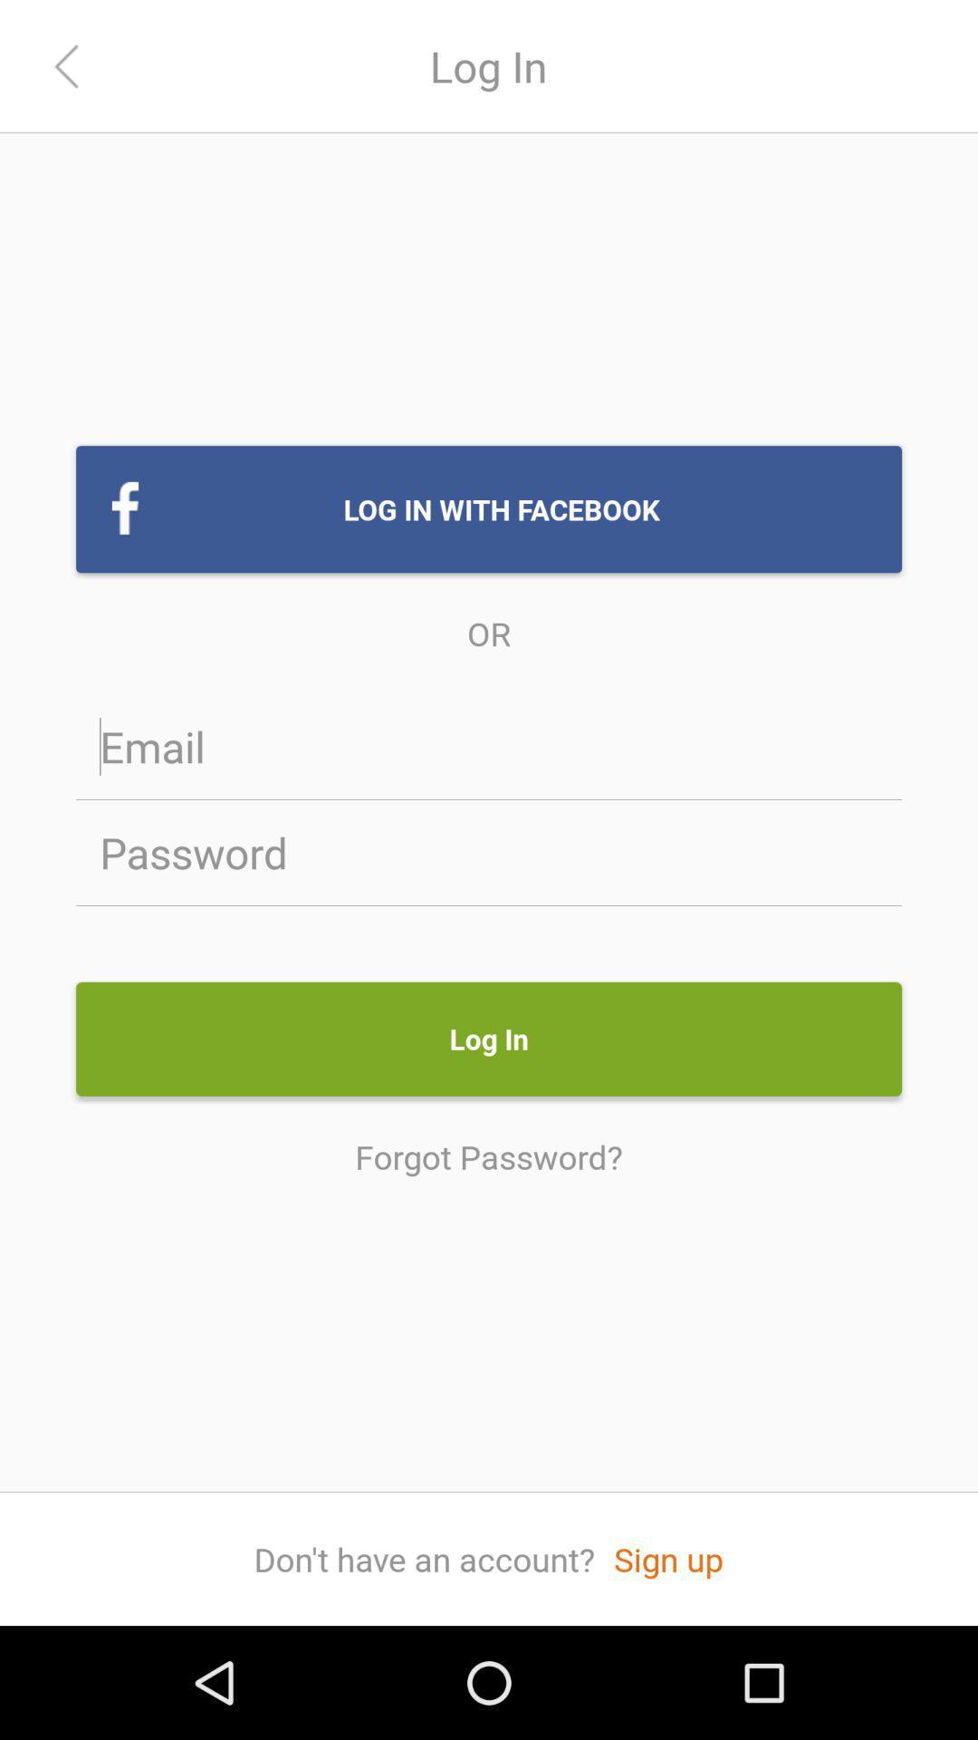 The image size is (978, 1740). Describe the element at coordinates (489, 851) in the screenshot. I see `login password` at that location.